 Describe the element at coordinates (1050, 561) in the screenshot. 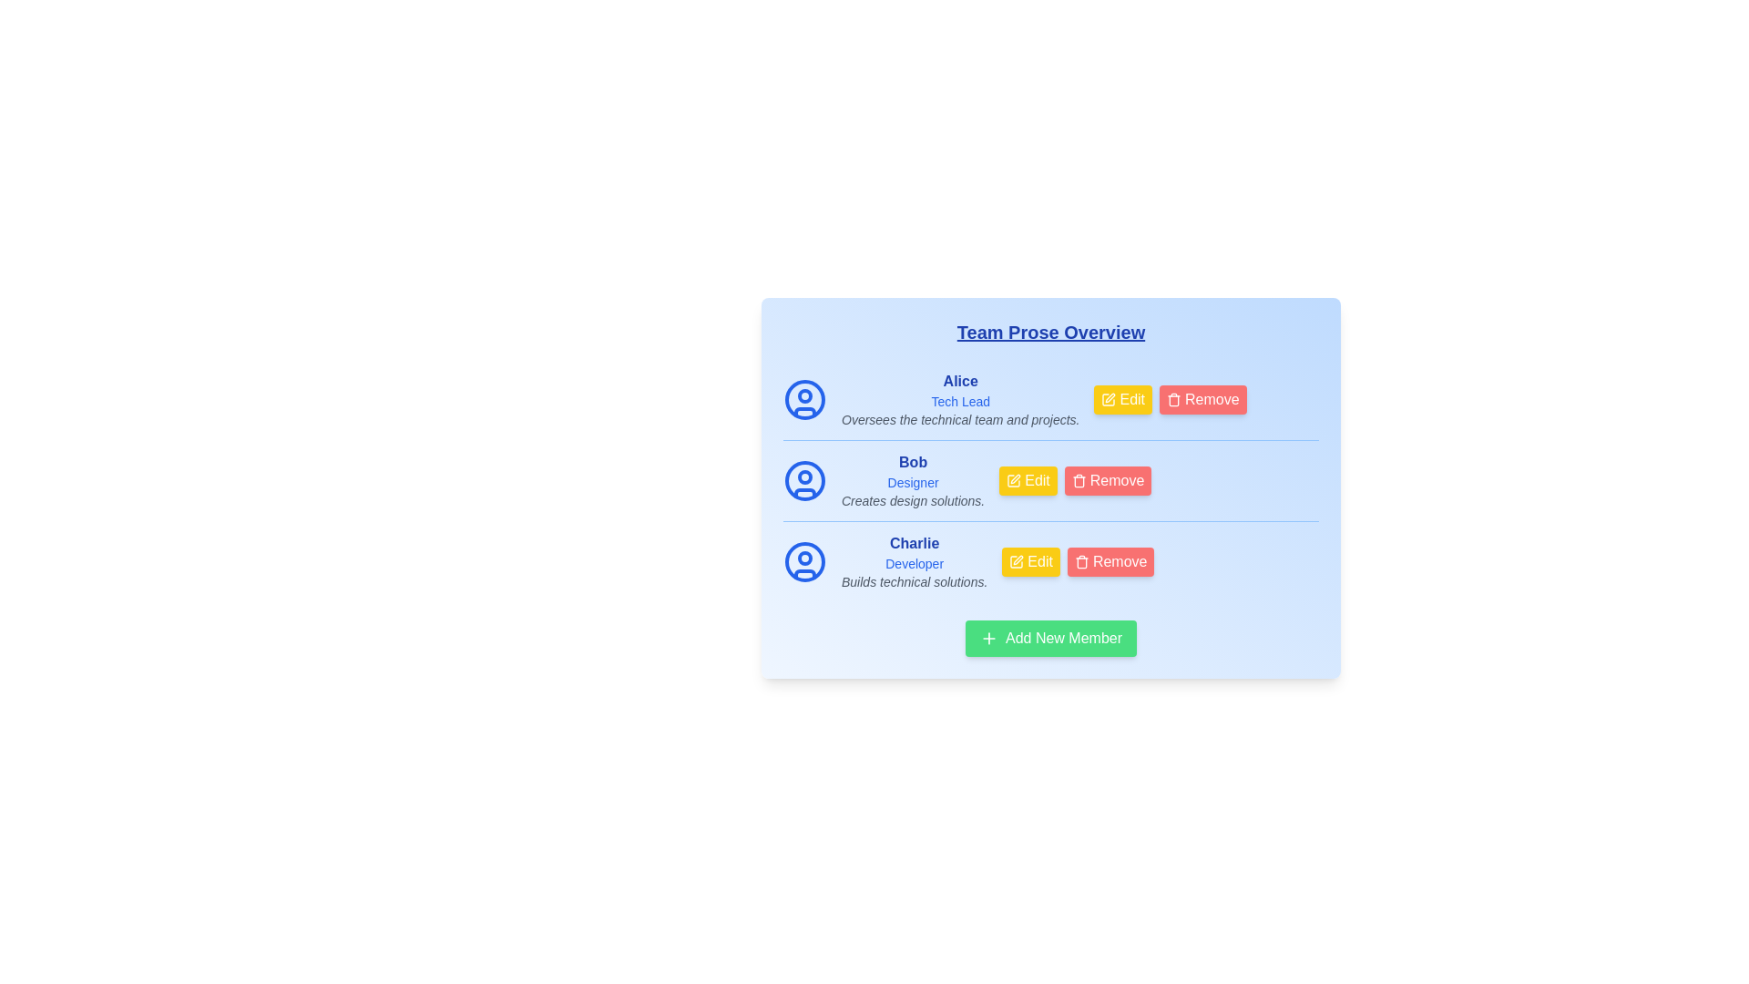

I see `the yellow 'Edit' button with a pen icon, prominently styled in the third row associated with user 'Charlie', to observe any visual or tooltip effect` at that location.